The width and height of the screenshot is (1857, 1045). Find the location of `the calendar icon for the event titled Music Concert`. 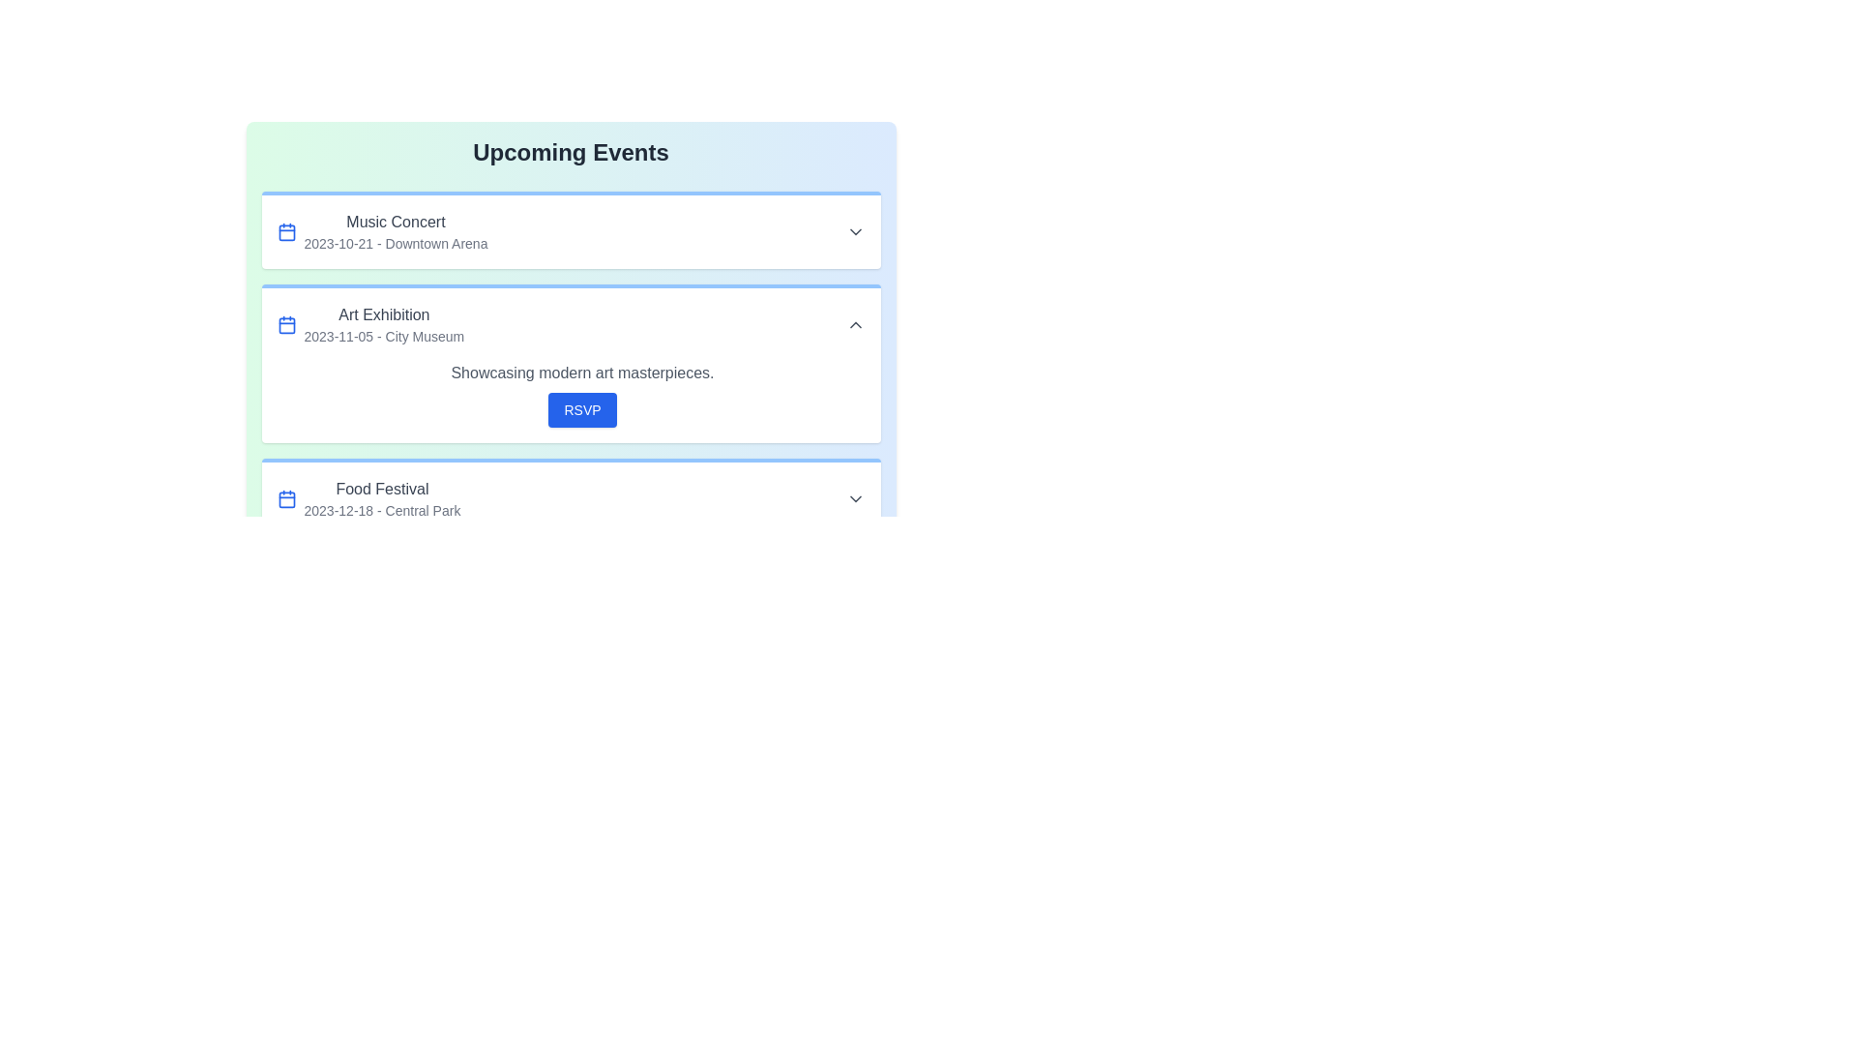

the calendar icon for the event titled Music Concert is located at coordinates (285, 230).